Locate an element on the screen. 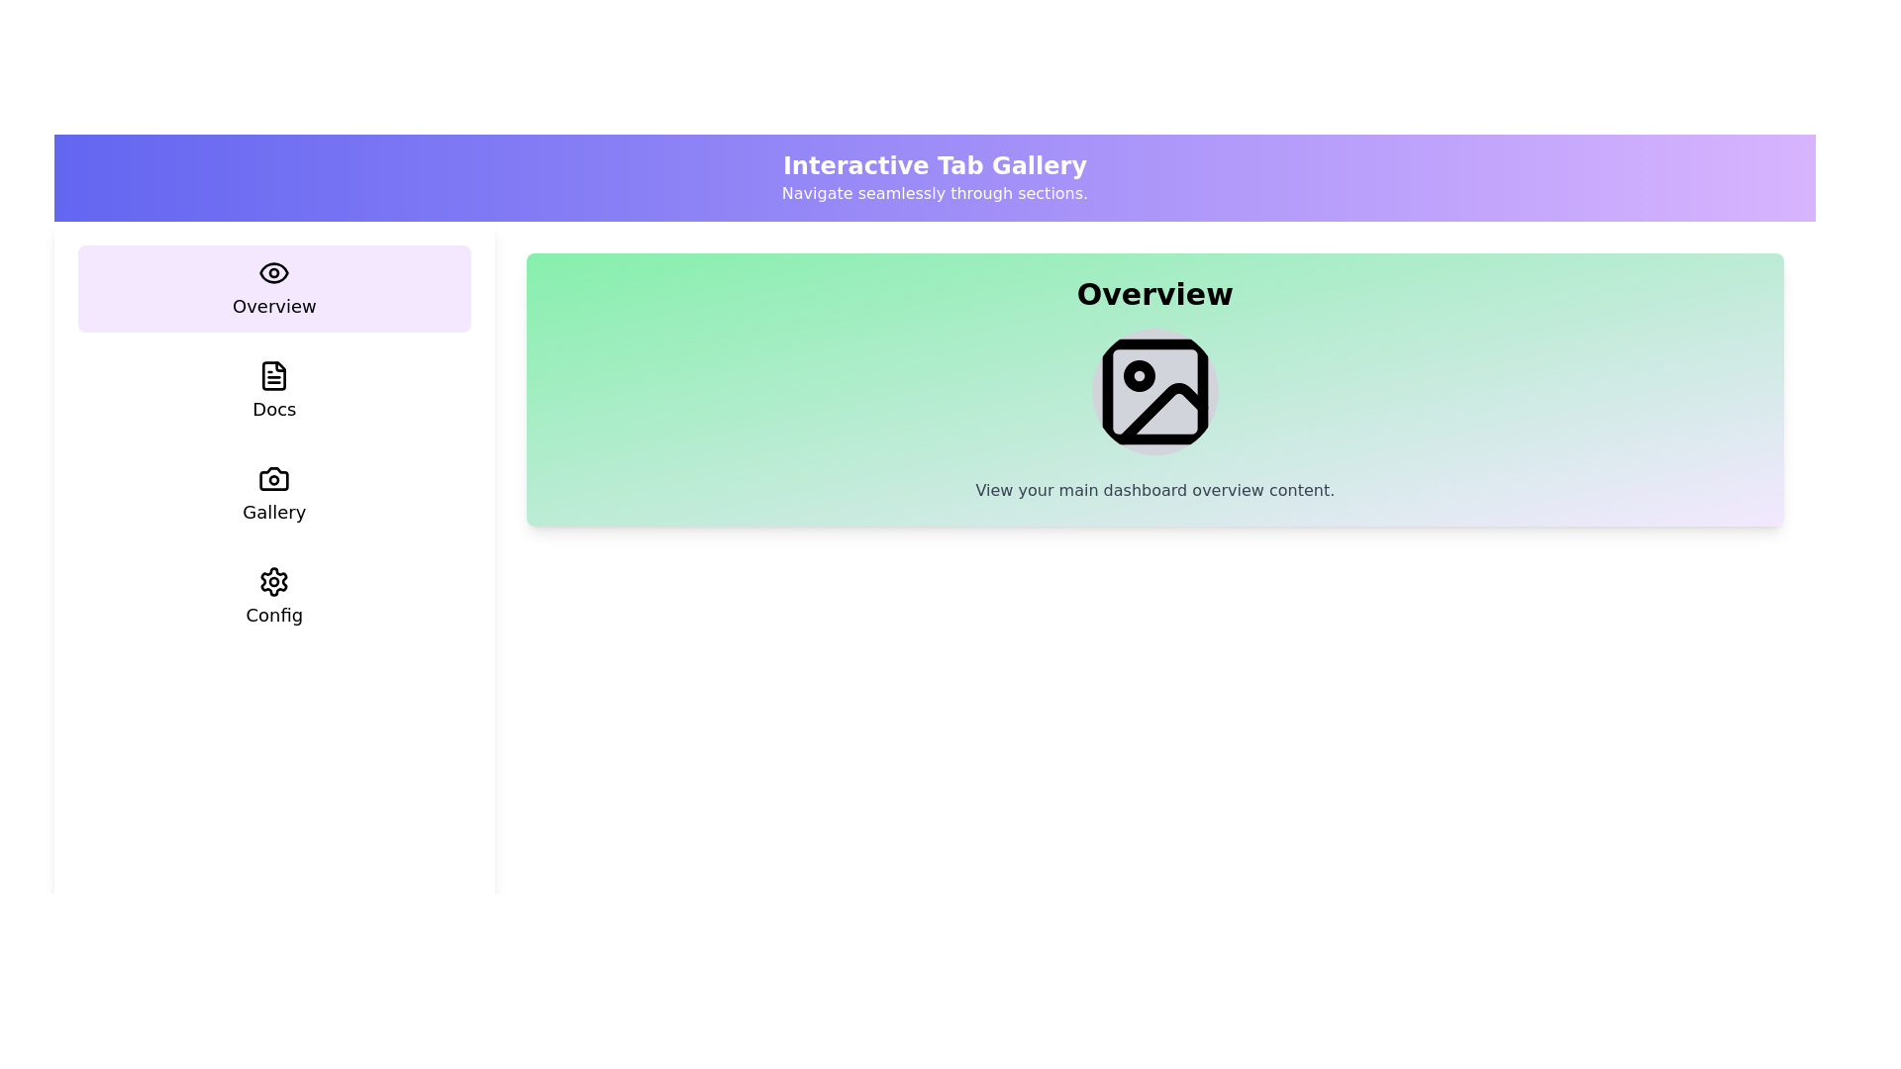 This screenshot has height=1069, width=1901. the tab named Overview by clicking its icon is located at coordinates (273, 289).